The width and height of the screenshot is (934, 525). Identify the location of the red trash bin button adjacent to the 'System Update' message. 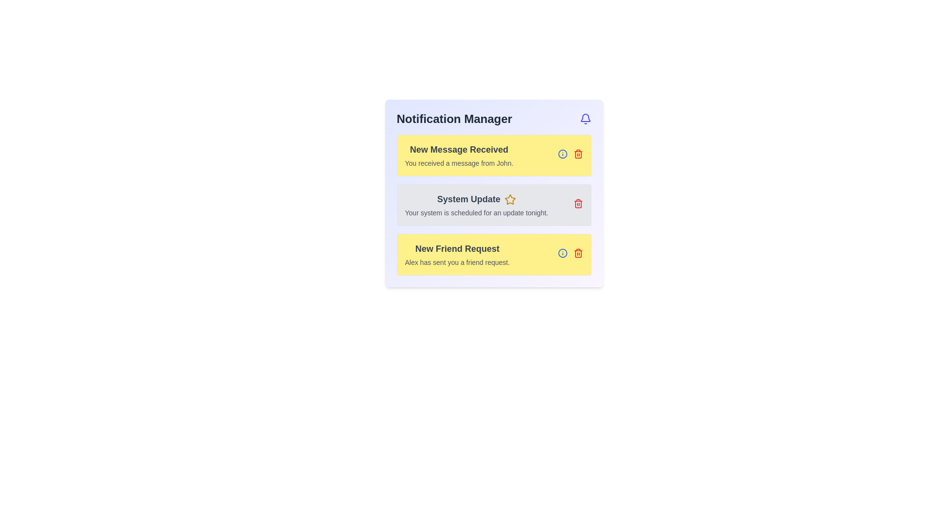
(578, 204).